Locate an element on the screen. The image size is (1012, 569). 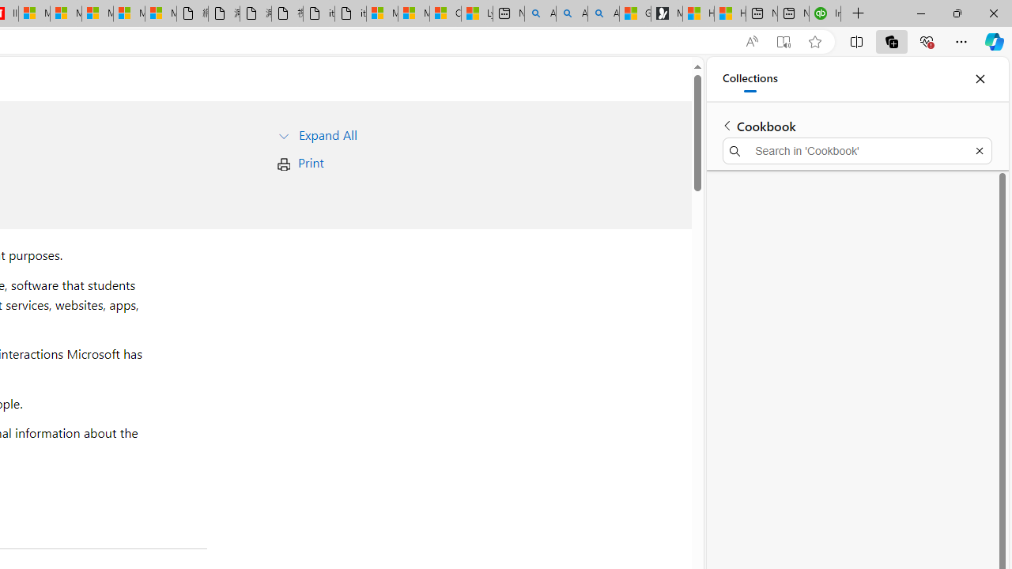
'itconcepthk.com/projector_solutions.mp4' is located at coordinates (349, 13).